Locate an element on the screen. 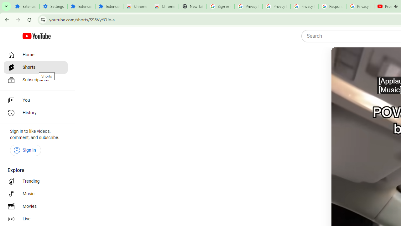  'YouTube Home' is located at coordinates (36, 36).